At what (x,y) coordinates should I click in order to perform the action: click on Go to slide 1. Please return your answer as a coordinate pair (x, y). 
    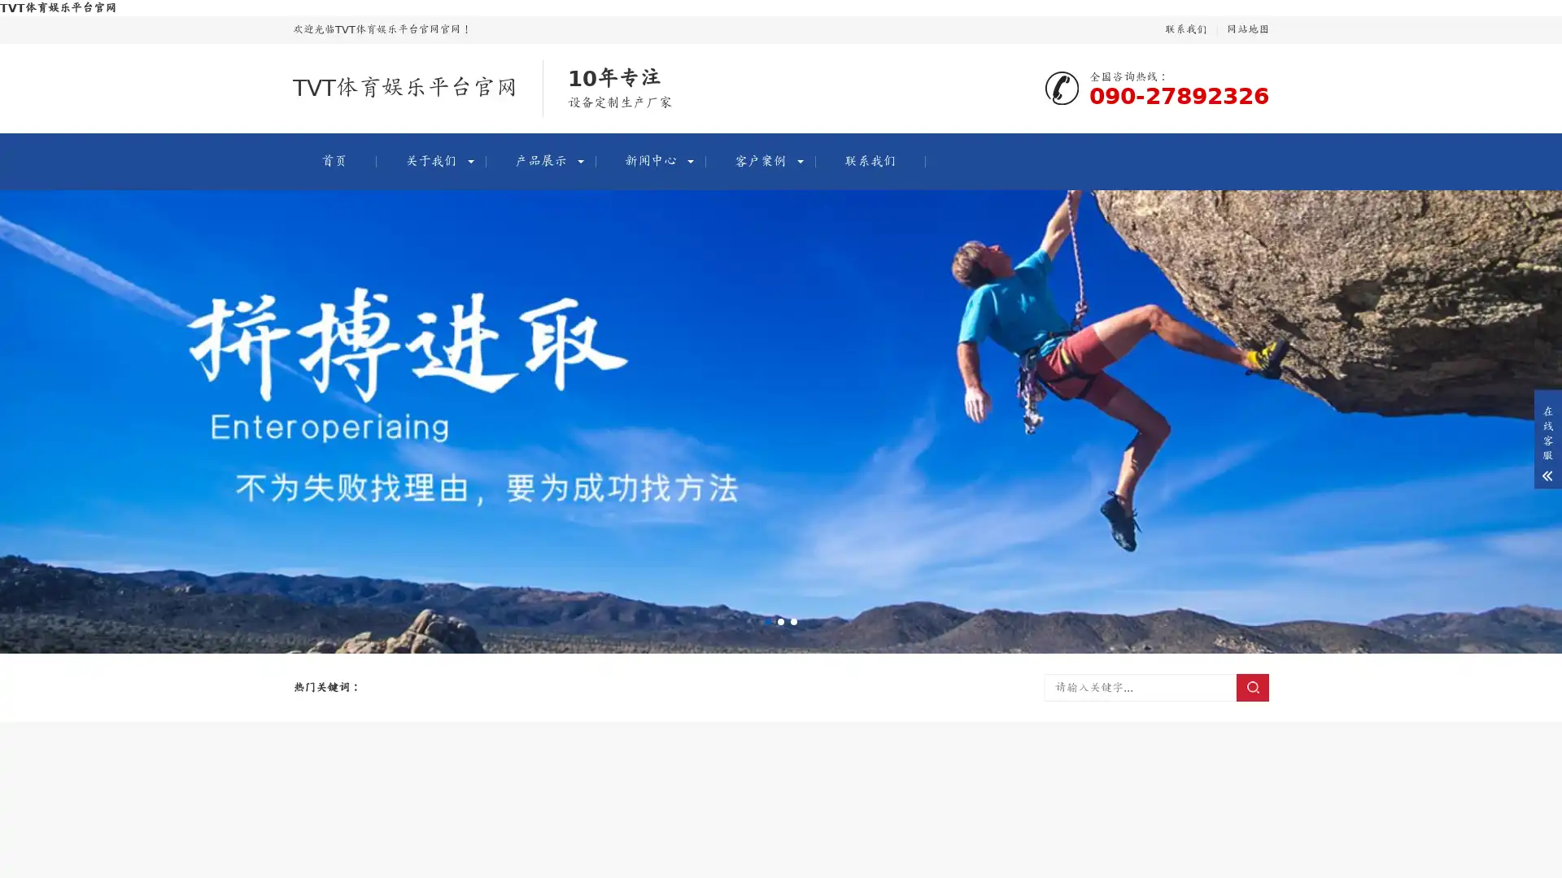
    Looking at the image, I should click on (767, 621).